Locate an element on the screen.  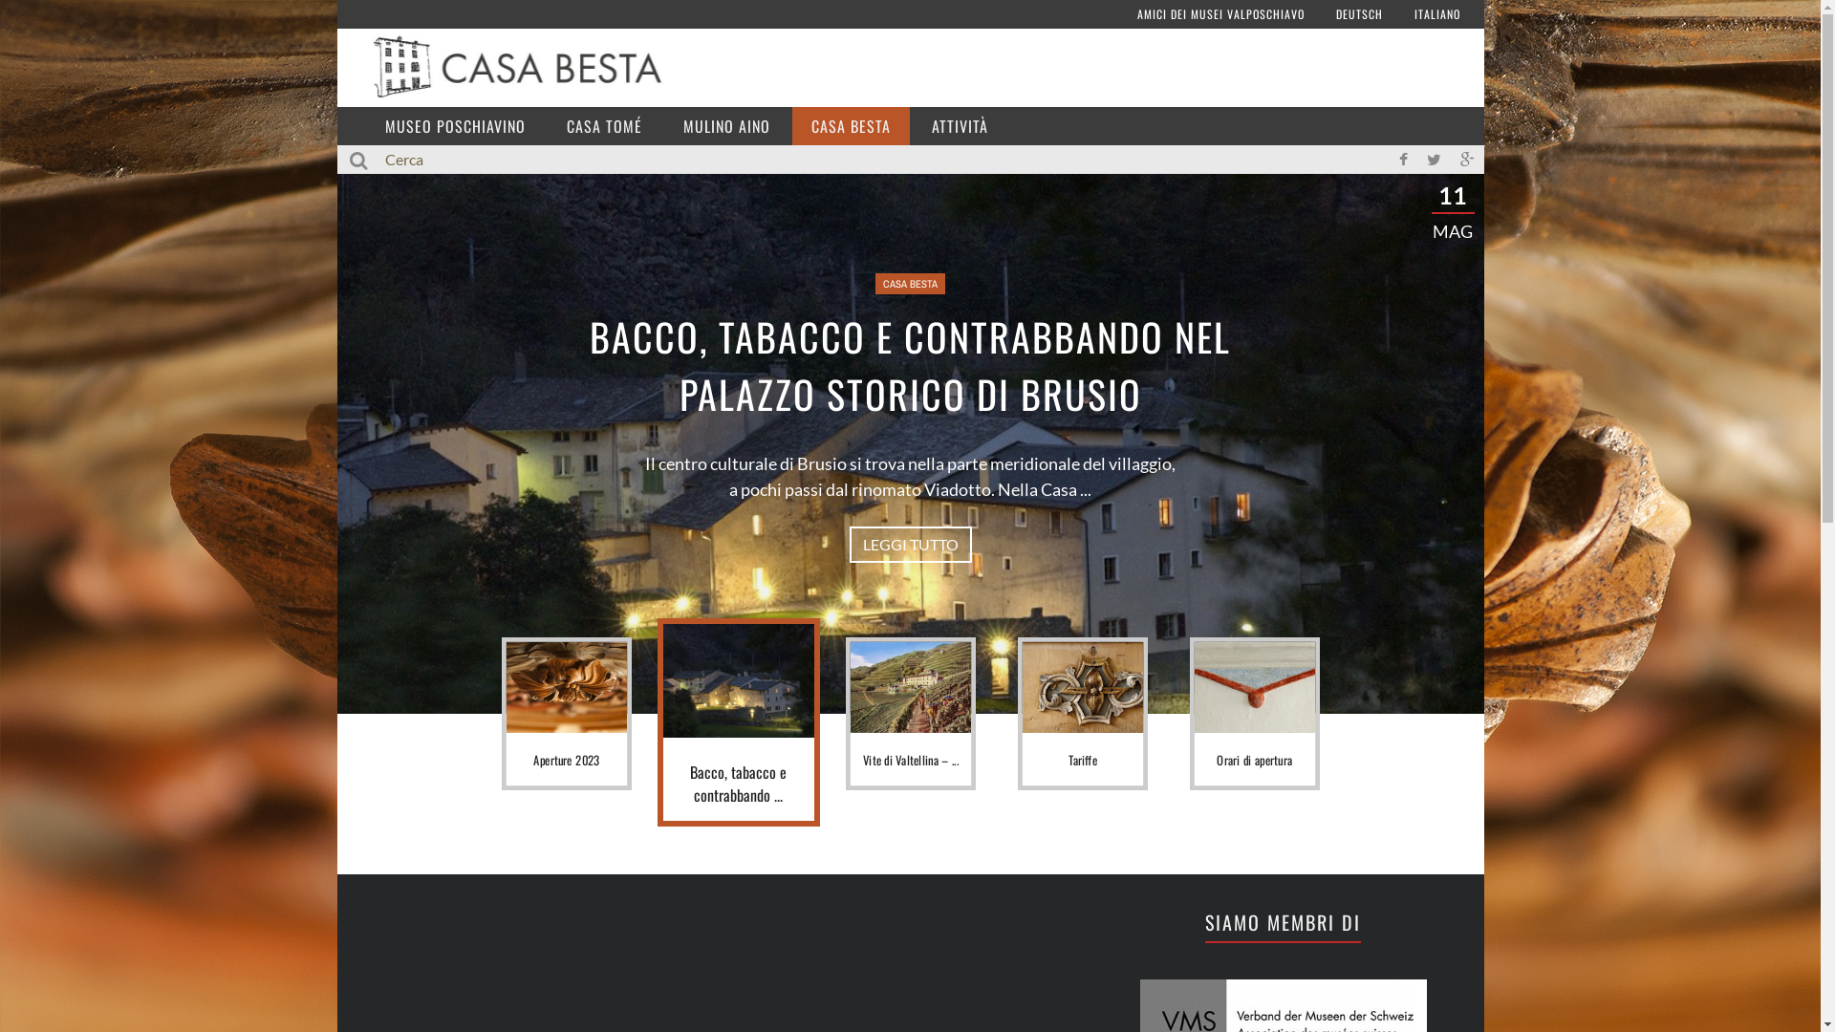
'MULINO AINO' is located at coordinates (724, 125).